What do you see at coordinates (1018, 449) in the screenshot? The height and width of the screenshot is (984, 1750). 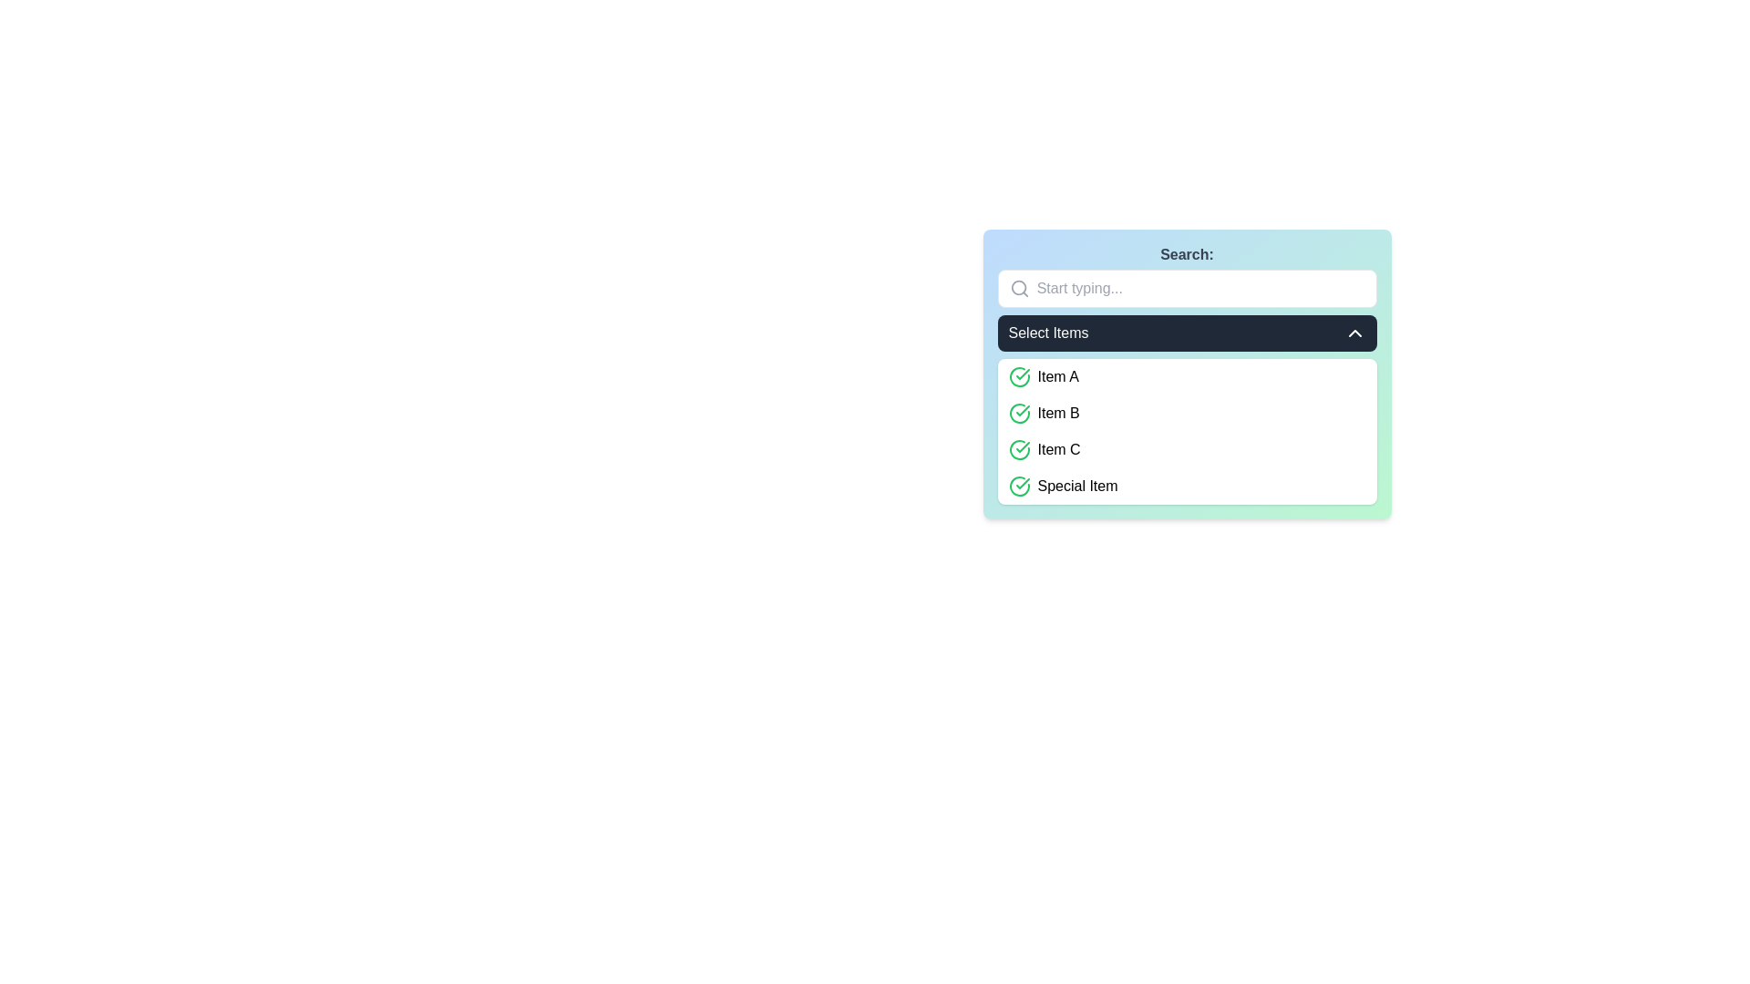 I see `the circular checkmark icon in the dropdown menu, which is styled in green and located near the text 'Item B'` at bounding box center [1018, 449].